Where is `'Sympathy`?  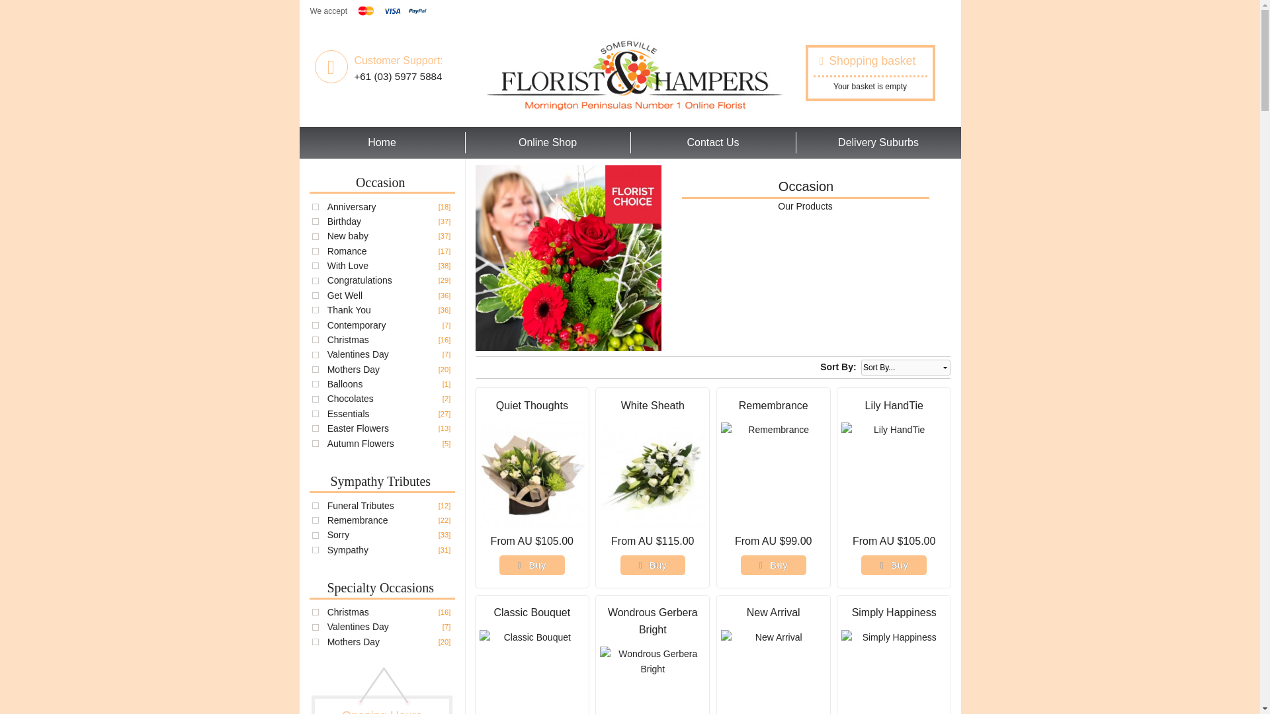 'Sympathy is located at coordinates (327, 550).